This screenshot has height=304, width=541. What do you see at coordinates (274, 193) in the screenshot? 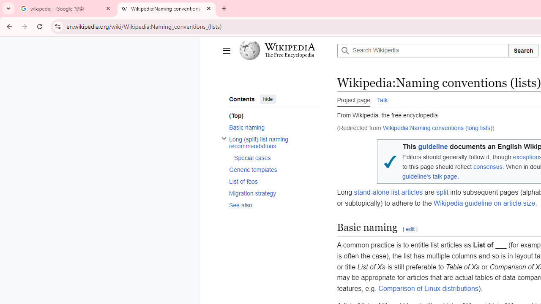
I see `'Migration strategy'` at bounding box center [274, 193].